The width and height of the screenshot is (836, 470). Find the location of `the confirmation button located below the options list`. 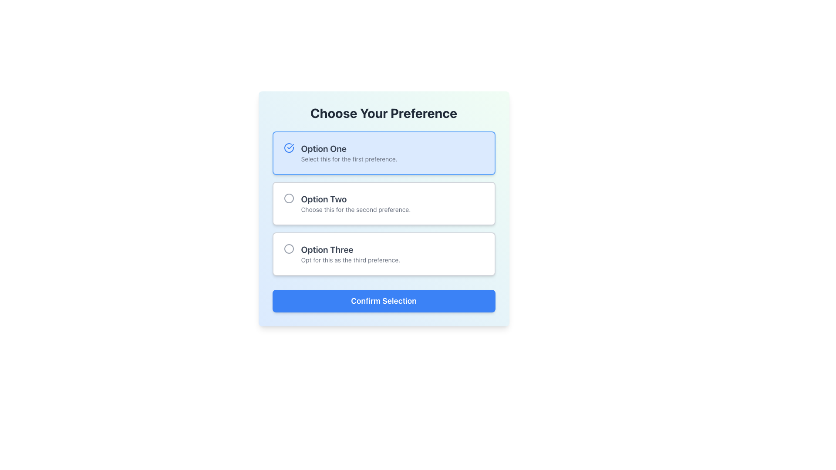

the confirmation button located below the options list is located at coordinates (383, 300).